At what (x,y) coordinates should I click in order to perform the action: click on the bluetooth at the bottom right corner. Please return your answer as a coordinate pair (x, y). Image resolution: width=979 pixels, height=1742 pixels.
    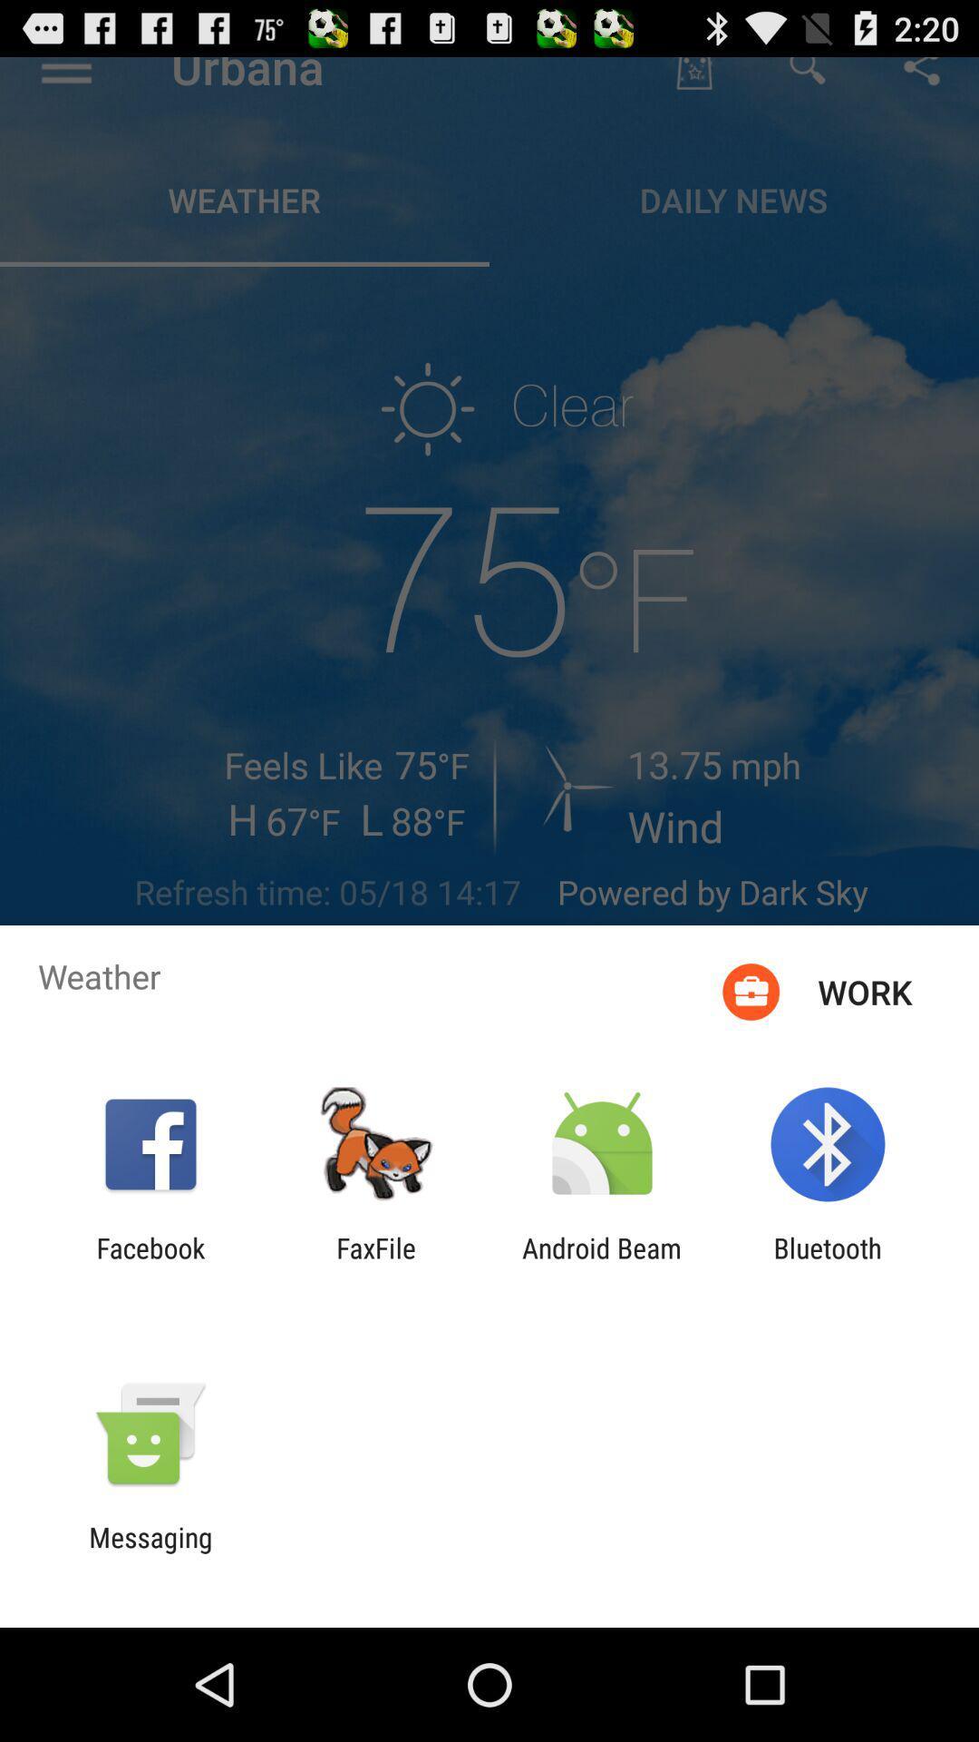
    Looking at the image, I should click on (828, 1263).